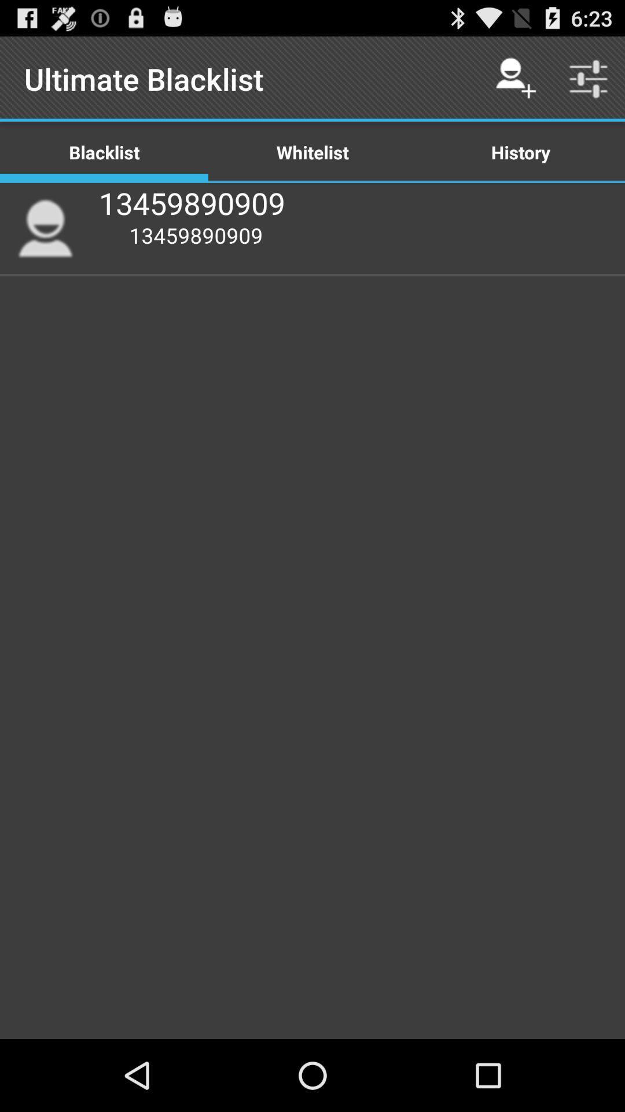  What do you see at coordinates (312, 151) in the screenshot?
I see `the icon below the ultimate blacklist` at bounding box center [312, 151].